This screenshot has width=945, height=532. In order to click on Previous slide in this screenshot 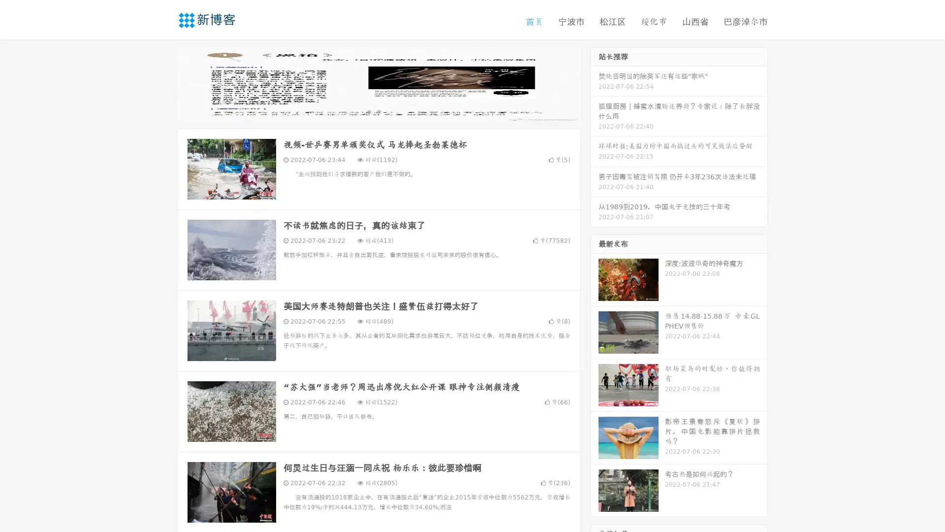, I will do `click(162, 83)`.